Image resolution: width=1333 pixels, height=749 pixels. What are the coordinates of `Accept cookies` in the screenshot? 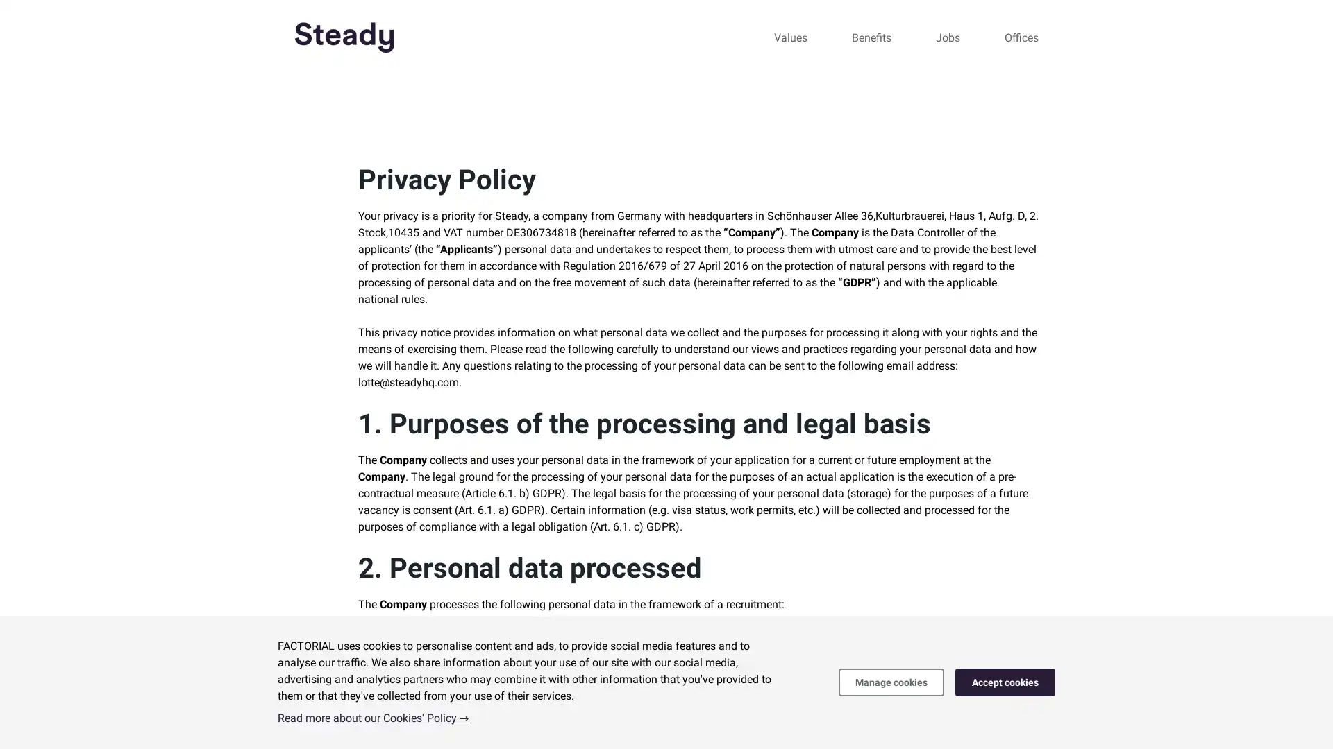 It's located at (1005, 681).